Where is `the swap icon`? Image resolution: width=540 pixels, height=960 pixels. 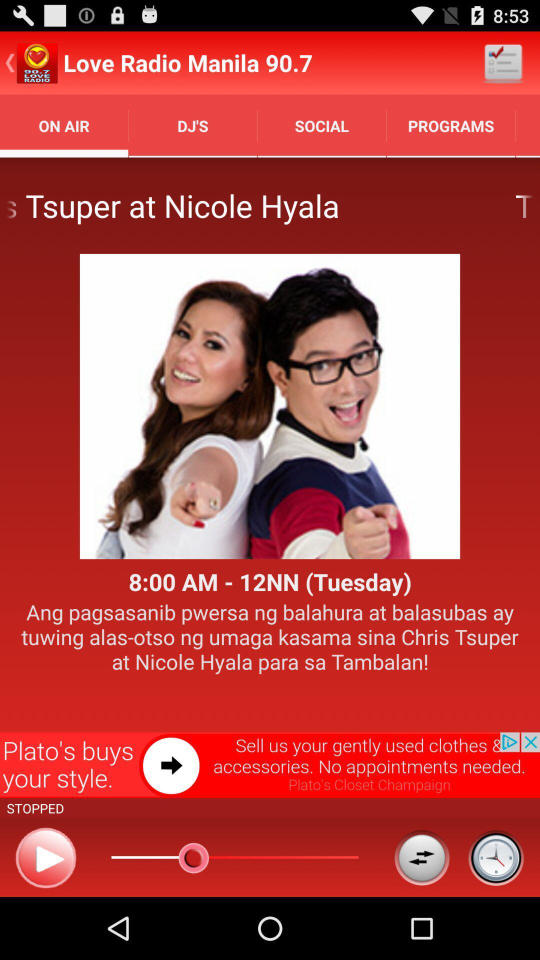 the swap icon is located at coordinates (421, 917).